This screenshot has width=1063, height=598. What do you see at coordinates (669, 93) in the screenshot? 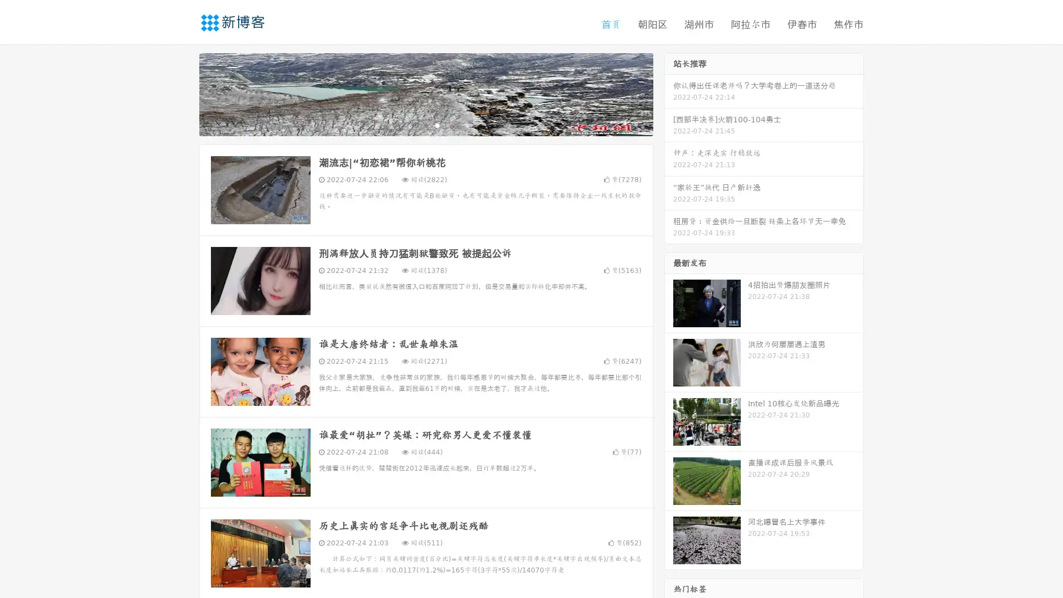
I see `Next slide` at bounding box center [669, 93].